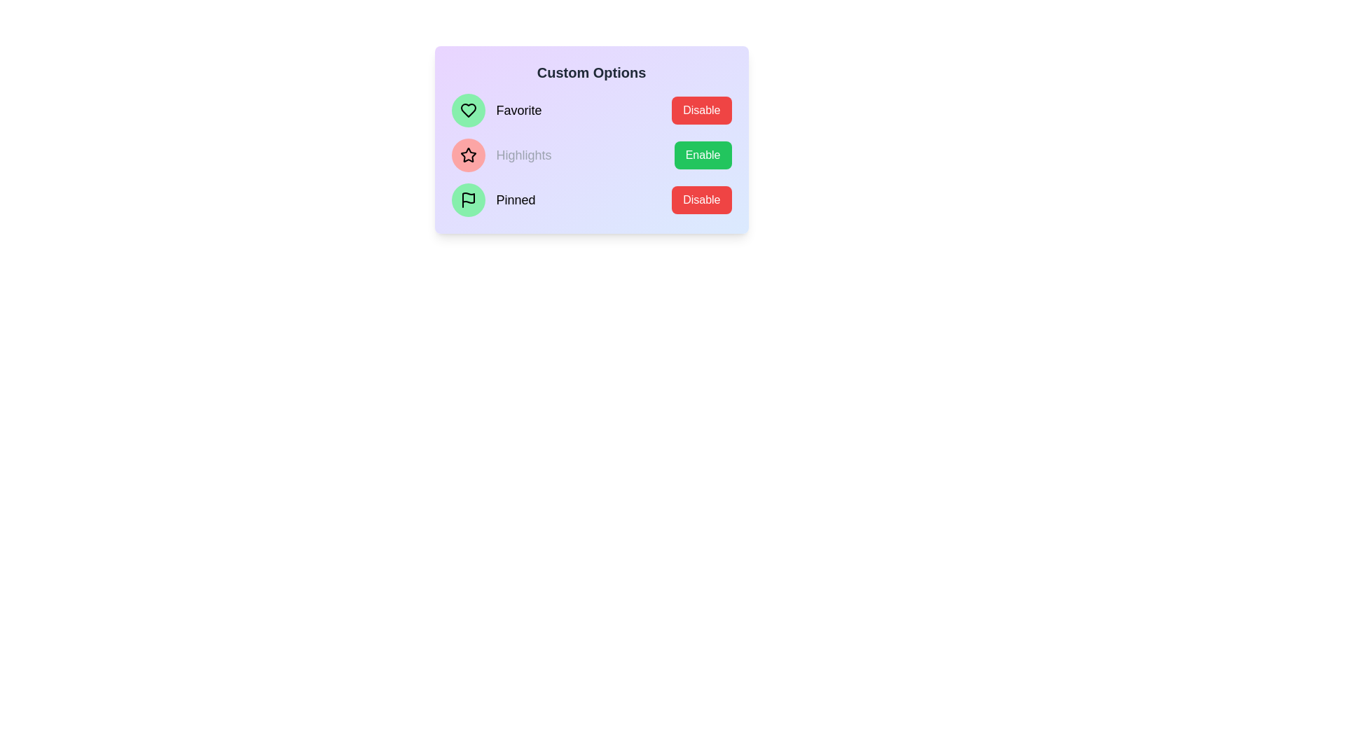 The width and height of the screenshot is (1345, 756). Describe the element at coordinates (701, 199) in the screenshot. I see `button to toggle the status of the item labeled Pinned` at that location.